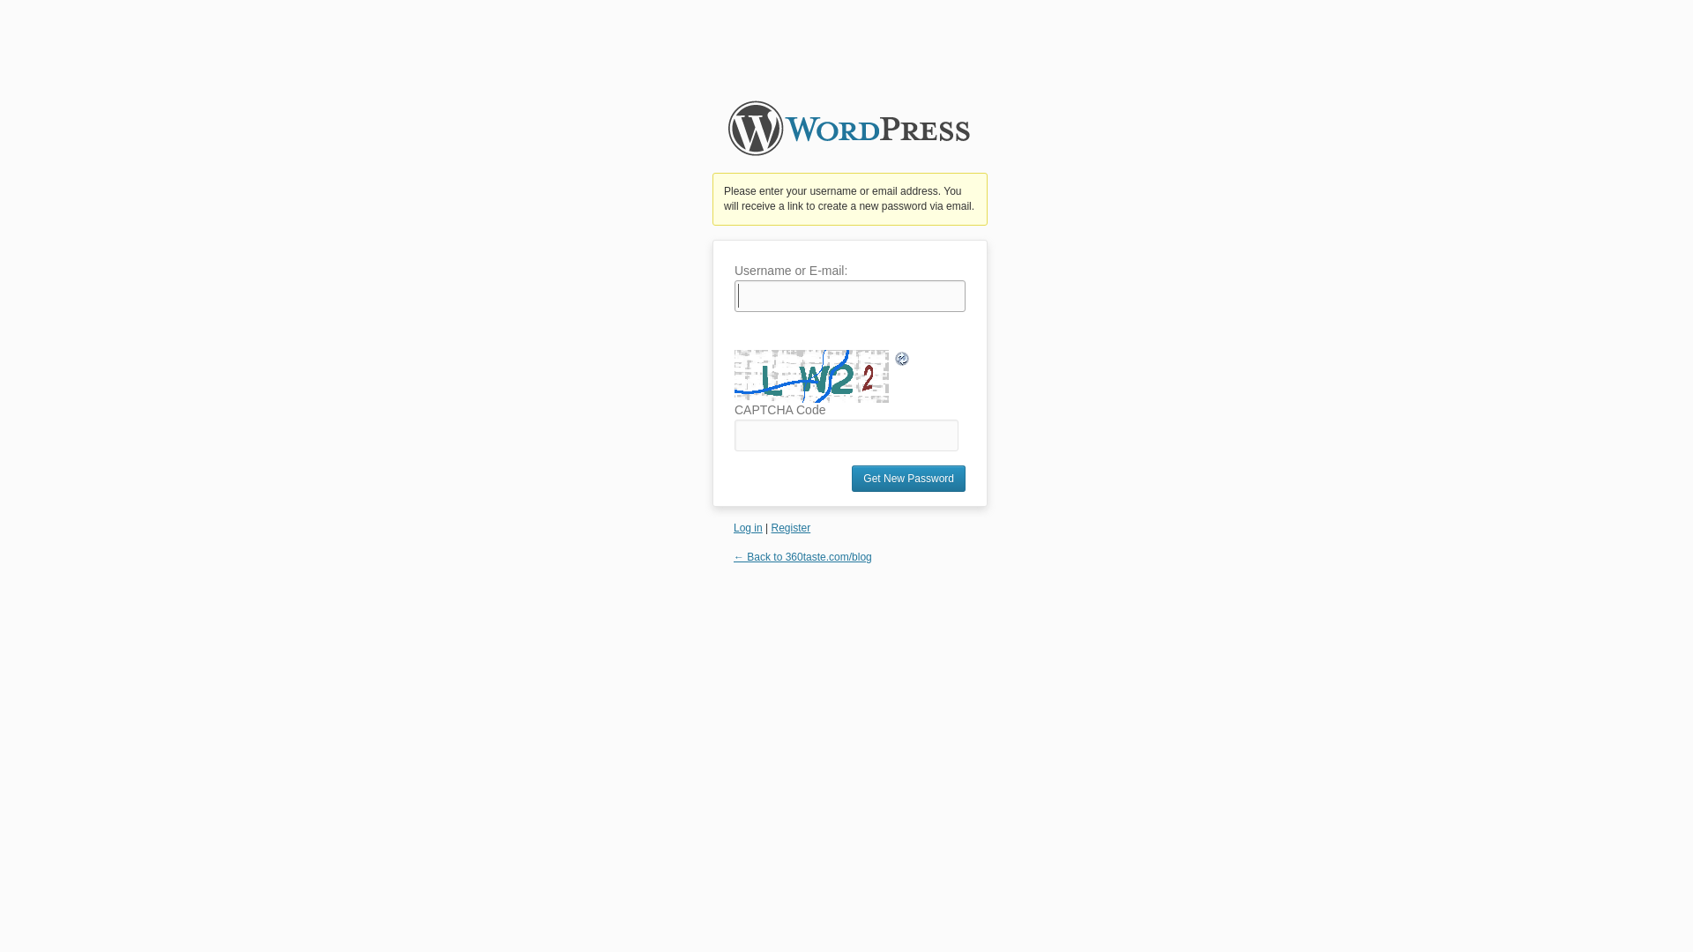 The image size is (1693, 952). Describe the element at coordinates (789, 526) in the screenshot. I see `'Register'` at that location.